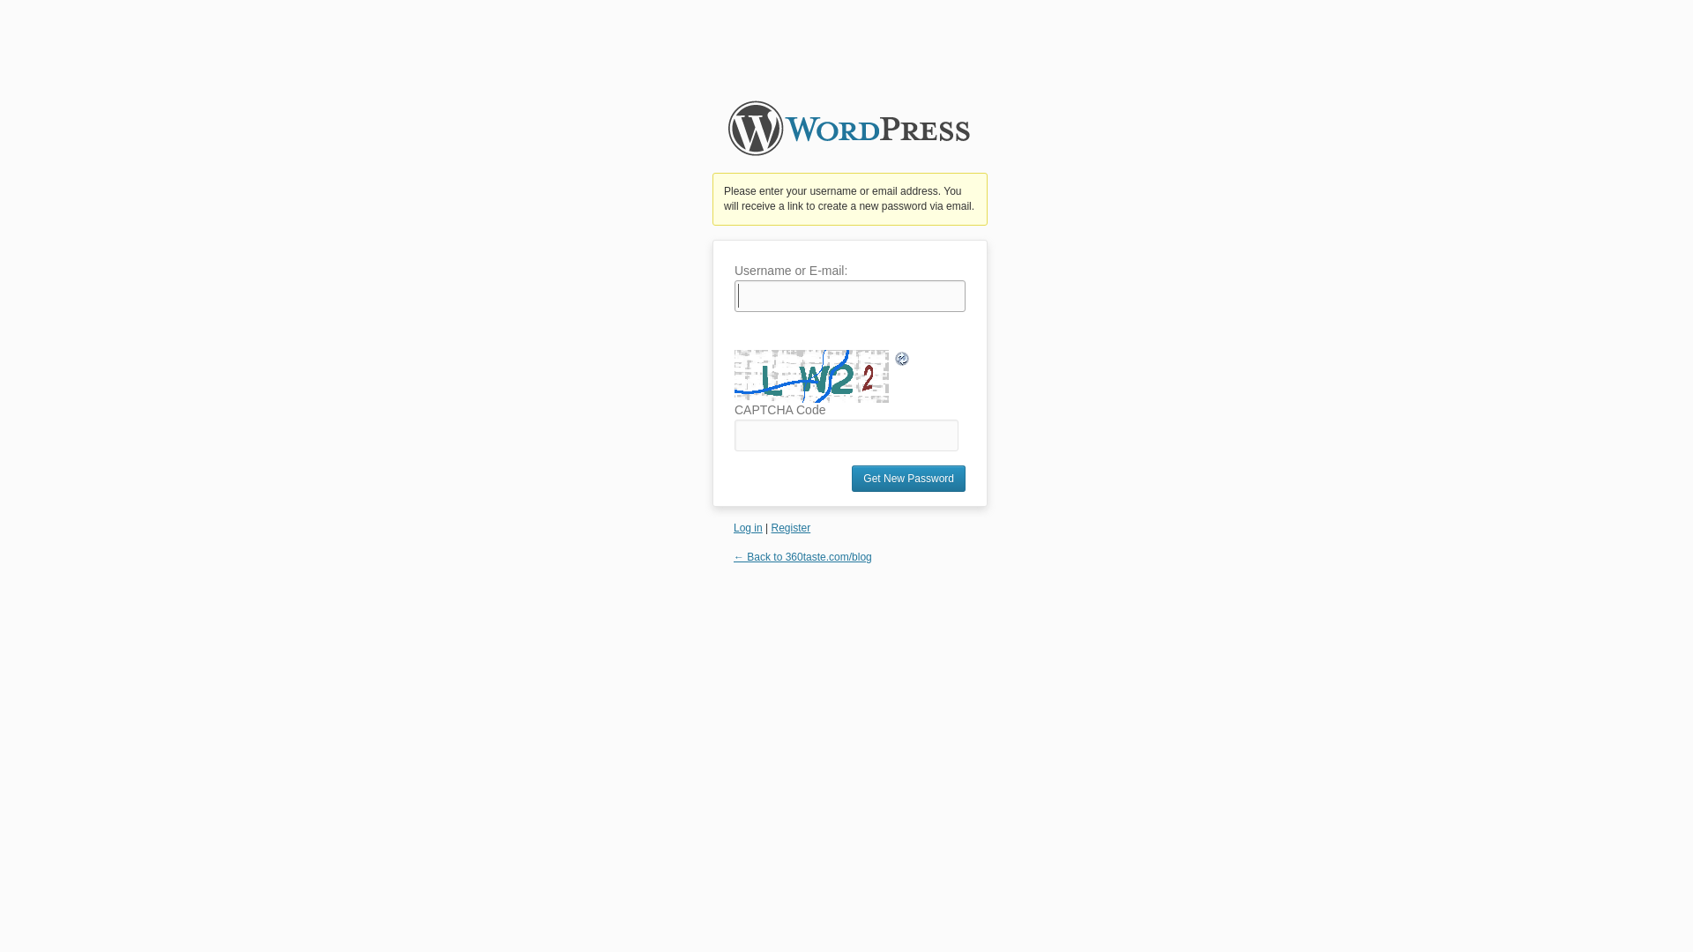 The image size is (1693, 952). Describe the element at coordinates (789, 526) in the screenshot. I see `'Register'` at that location.